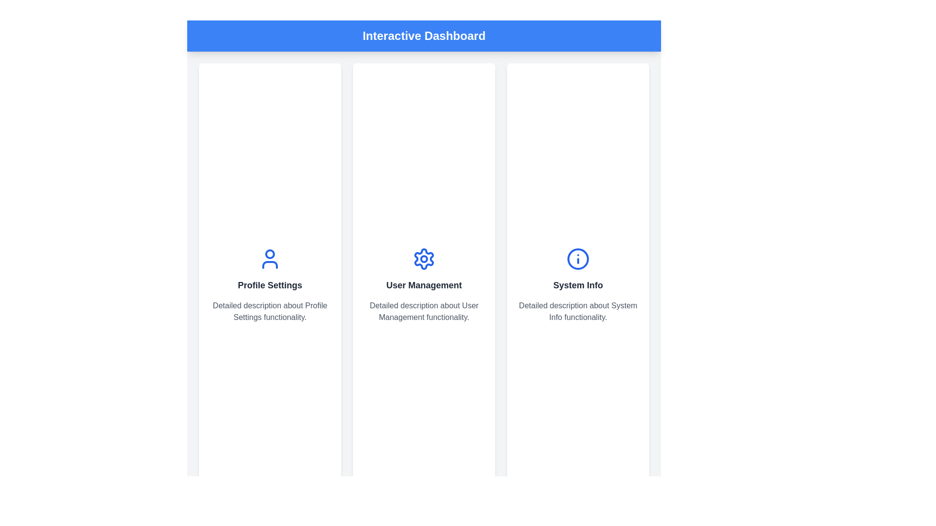 The image size is (936, 526). What do you see at coordinates (424, 259) in the screenshot?
I see `the settings icon that signifies functionality related to user management, located in the middle panel of three panels above the 'User Management' text` at bounding box center [424, 259].